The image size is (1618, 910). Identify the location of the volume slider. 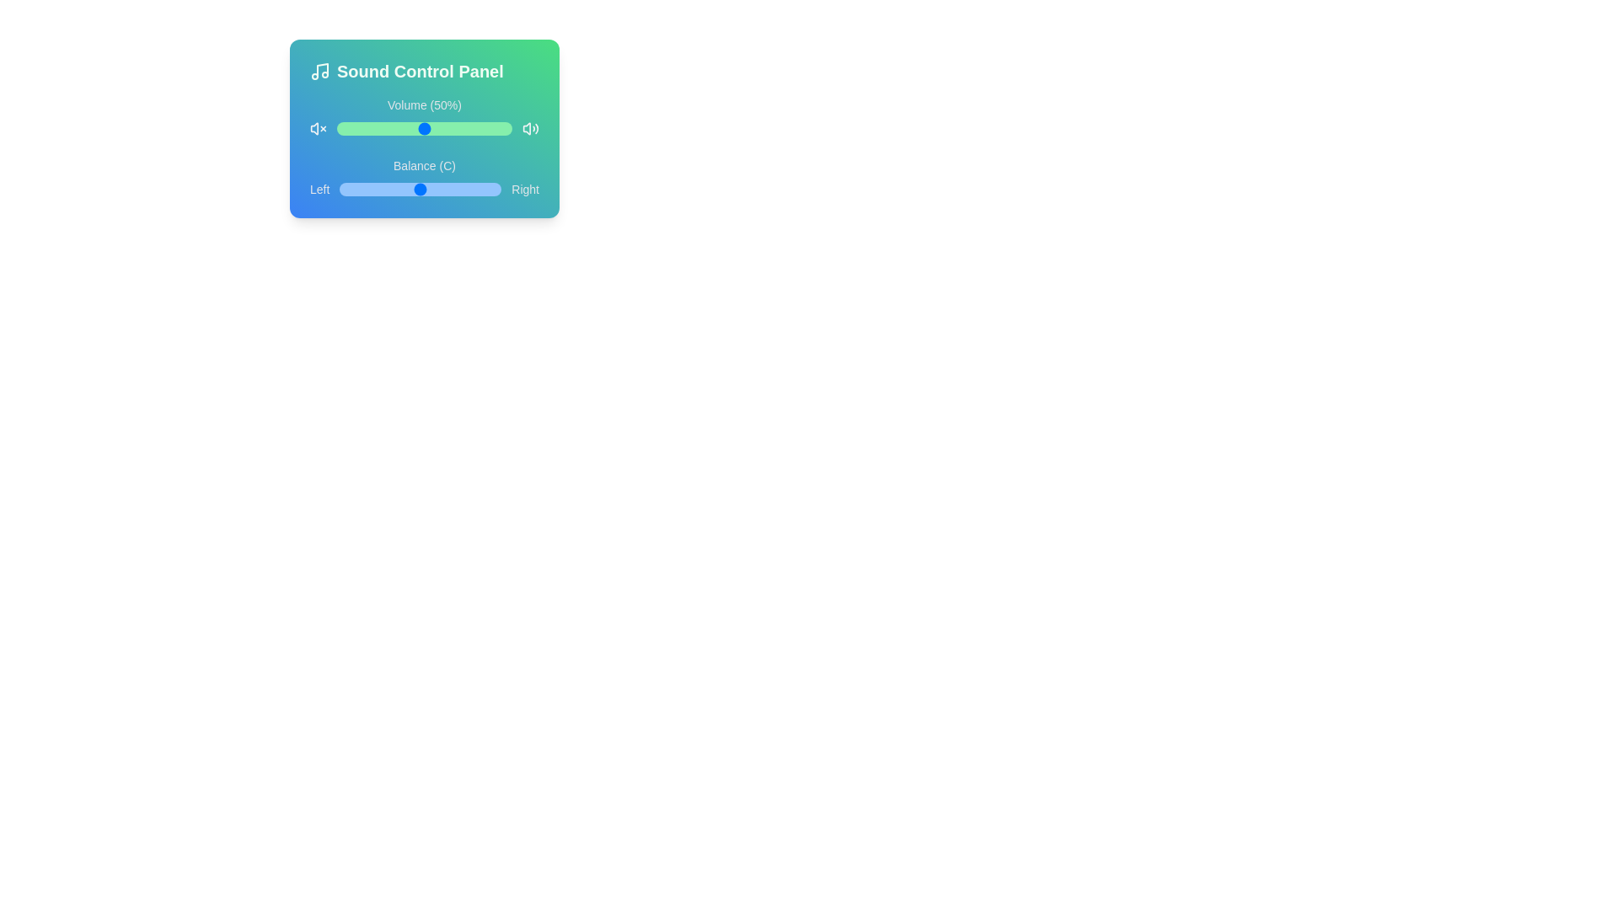
(490, 128).